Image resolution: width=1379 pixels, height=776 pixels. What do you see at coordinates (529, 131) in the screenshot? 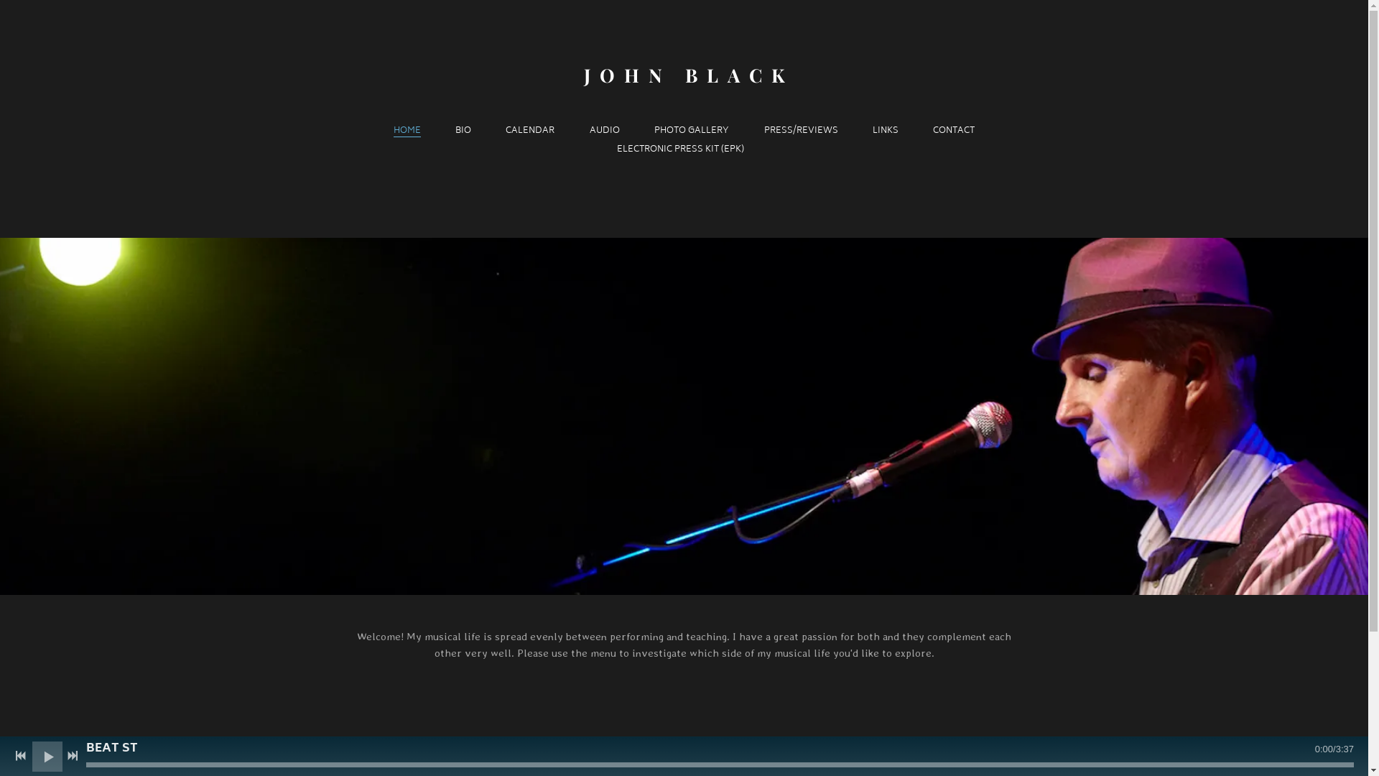
I see `'CALENDAR'` at bounding box center [529, 131].